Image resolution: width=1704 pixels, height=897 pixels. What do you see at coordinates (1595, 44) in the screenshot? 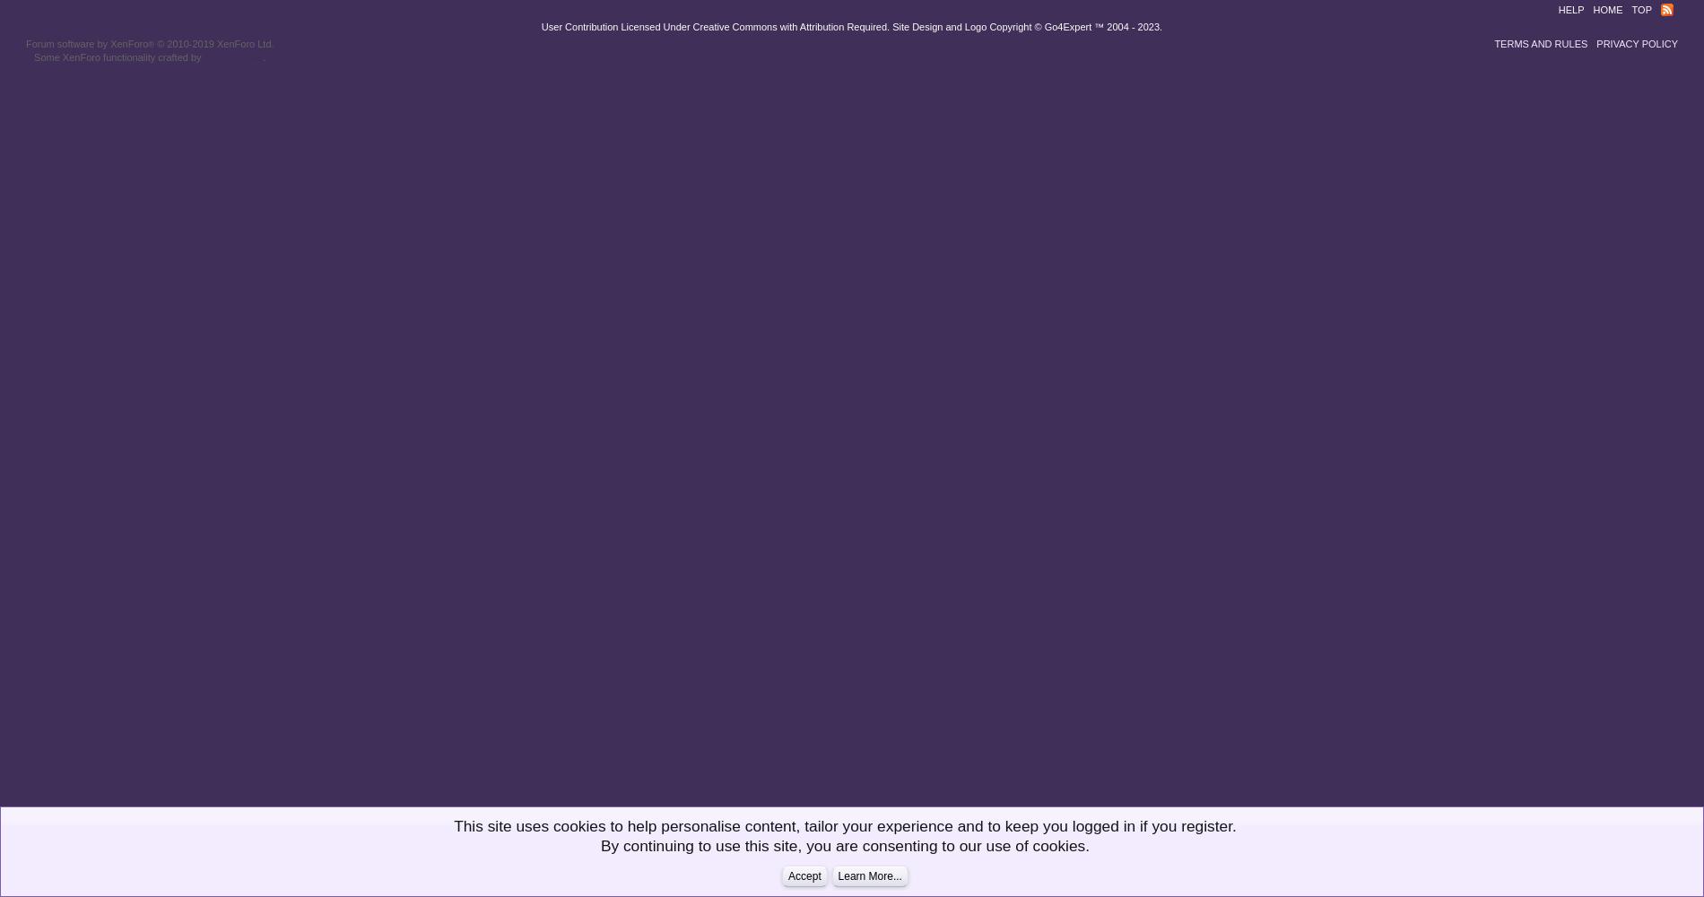
I see `'Privacy Policy'` at bounding box center [1595, 44].